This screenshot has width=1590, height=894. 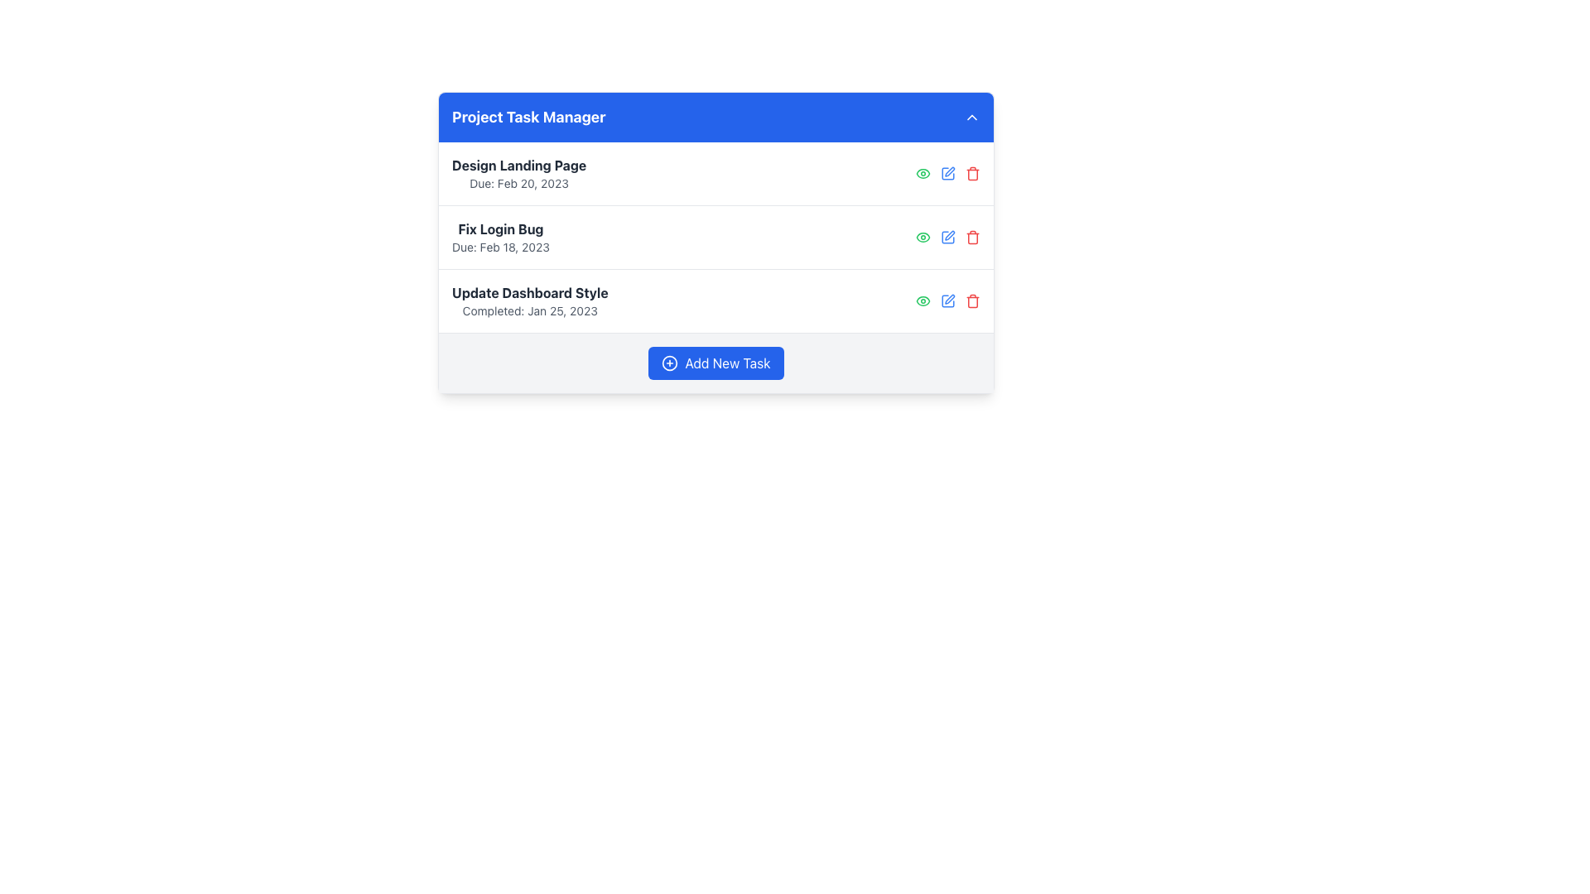 I want to click on the red trash icon, which is the last icon in a row of task-related icons, so click(x=973, y=238).